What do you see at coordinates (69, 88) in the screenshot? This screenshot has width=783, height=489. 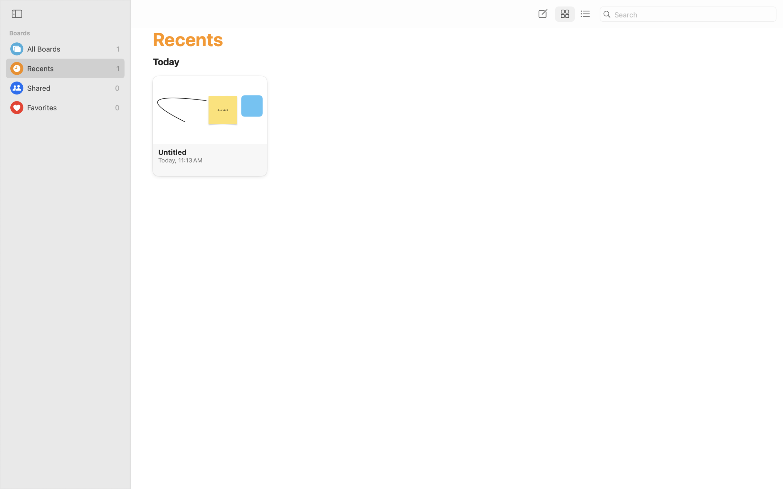 I see `'Shared'` at bounding box center [69, 88].